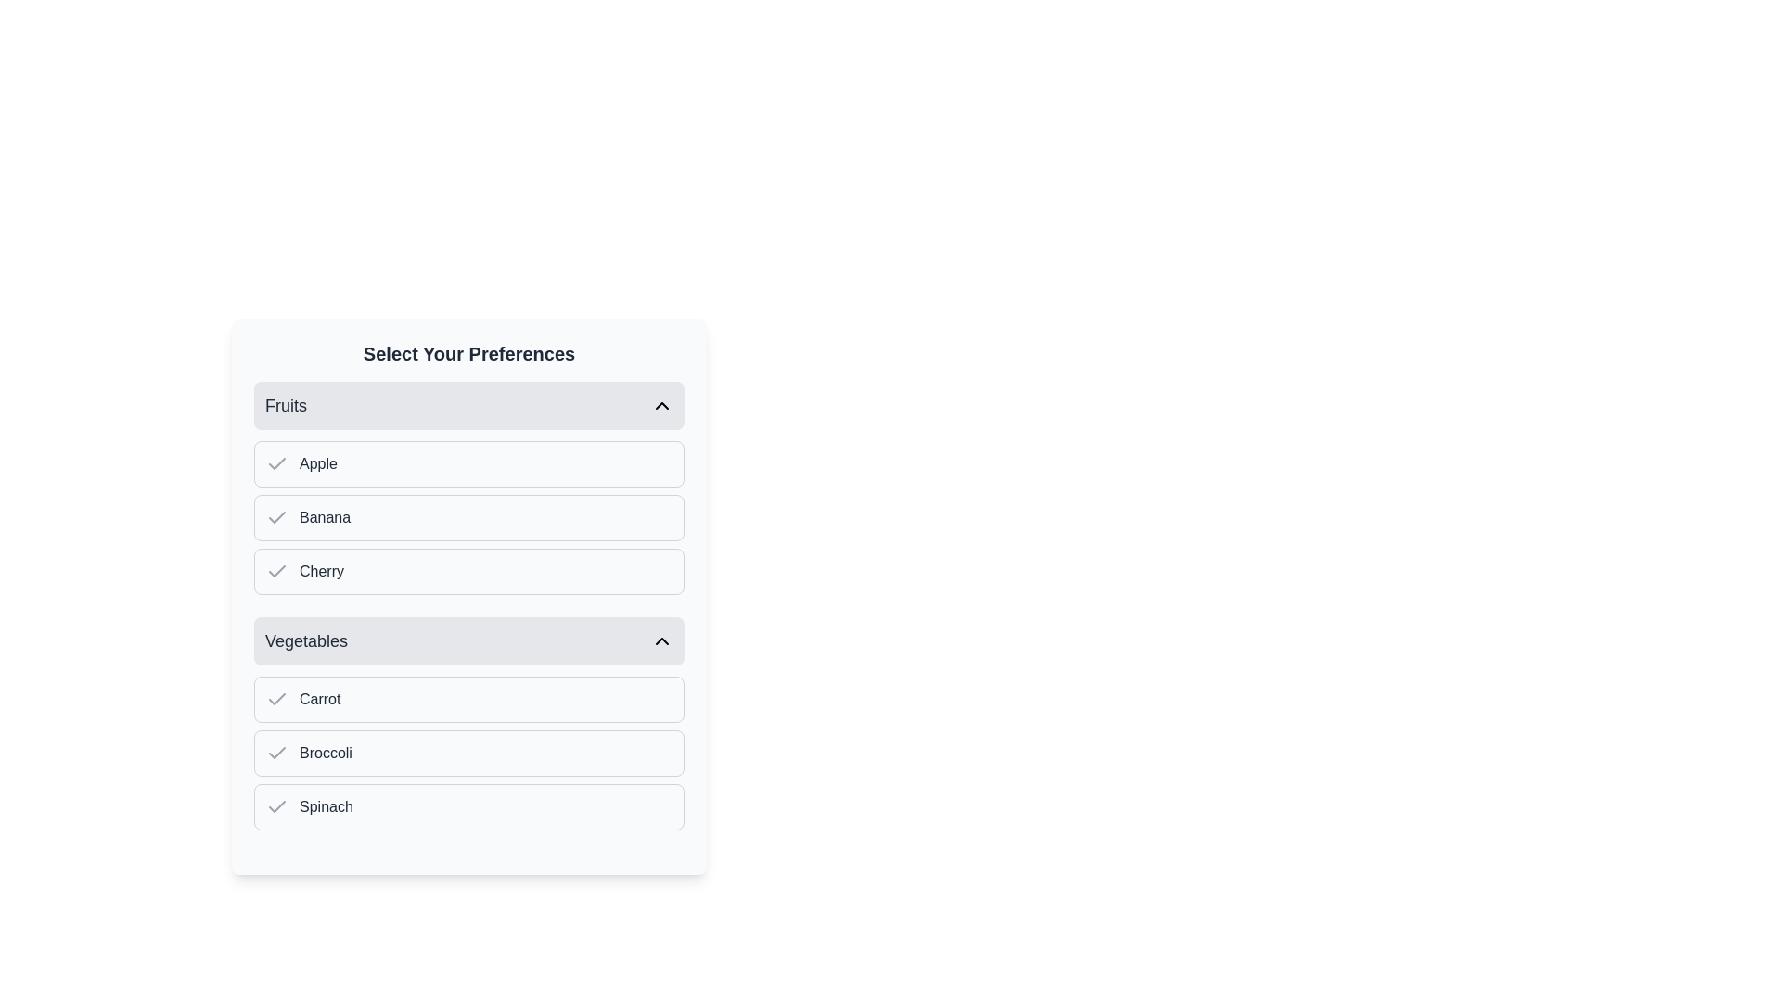 This screenshot has width=1781, height=1001. What do you see at coordinates (662, 640) in the screenshot?
I see `the chevron button on the rightmost side of the 'Vegetables' section header` at bounding box center [662, 640].